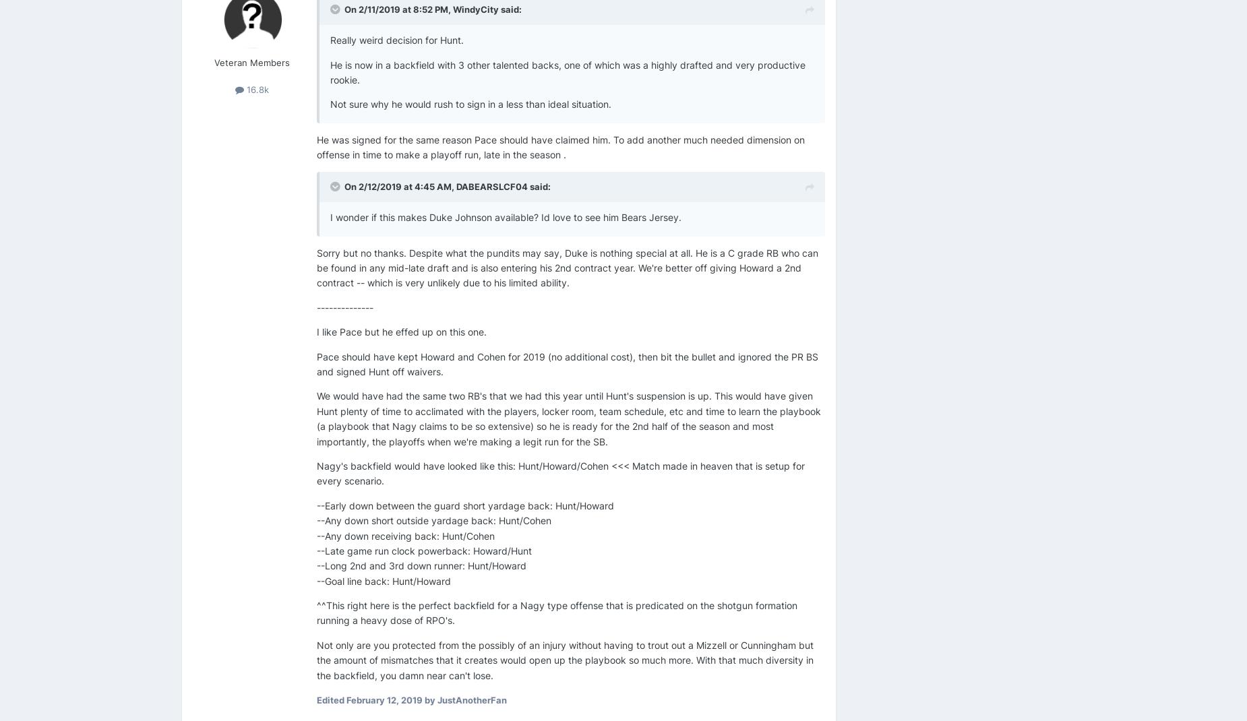 Image resolution: width=1247 pixels, height=721 pixels. Describe the element at coordinates (402, 332) in the screenshot. I see `'I like Pace but he effed up on this one.'` at that location.